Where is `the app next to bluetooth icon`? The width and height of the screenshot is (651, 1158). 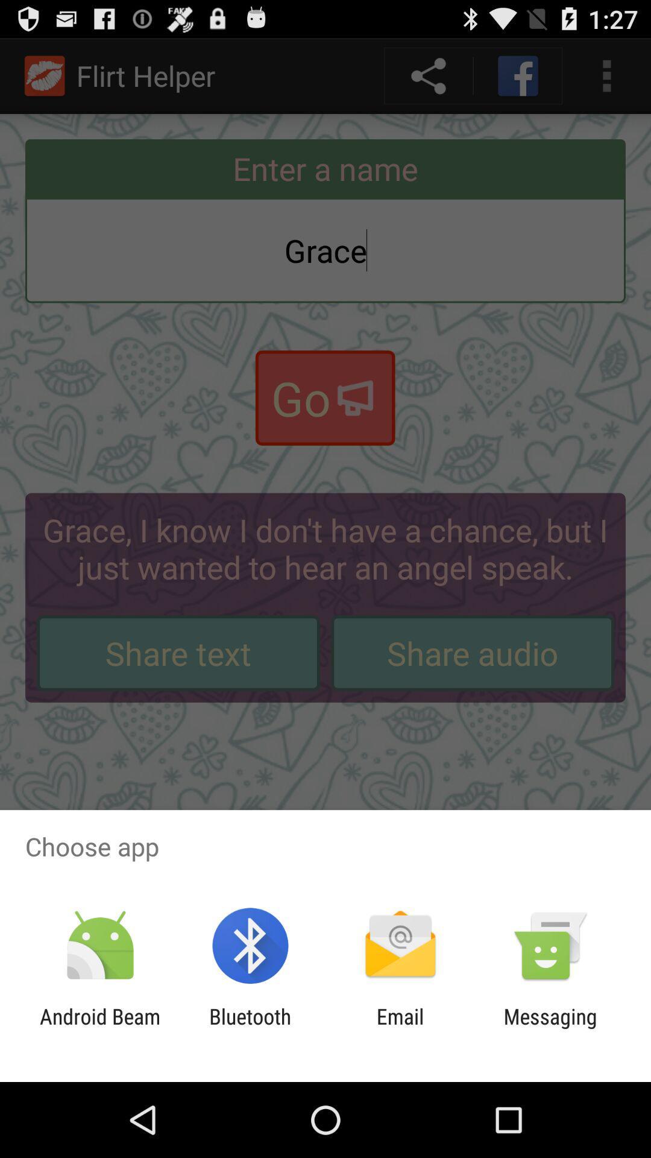 the app next to bluetooth icon is located at coordinates (400, 1028).